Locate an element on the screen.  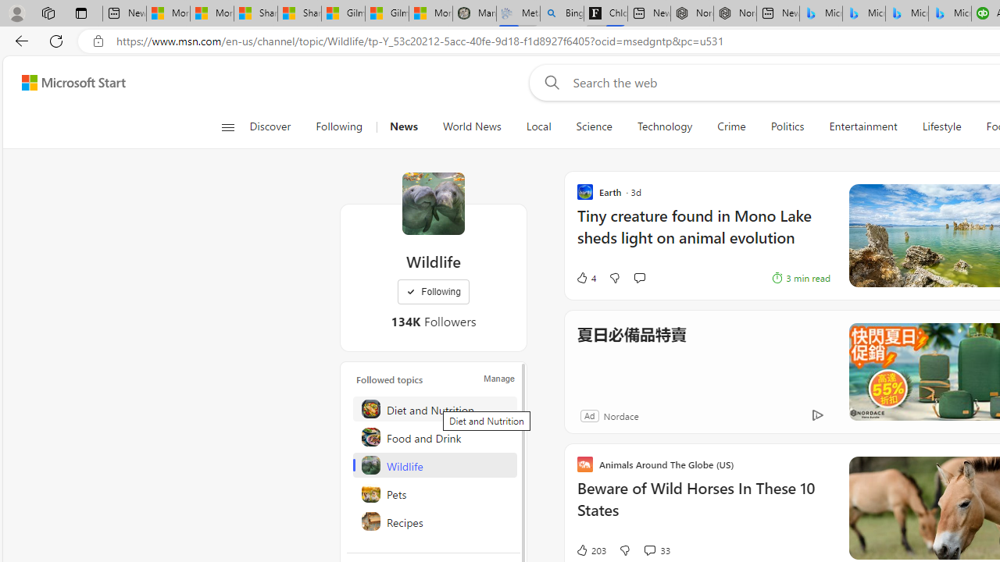
'Microsoft Bing Travel - Shangri-La Hotel Bangkok' is located at coordinates (949, 13).